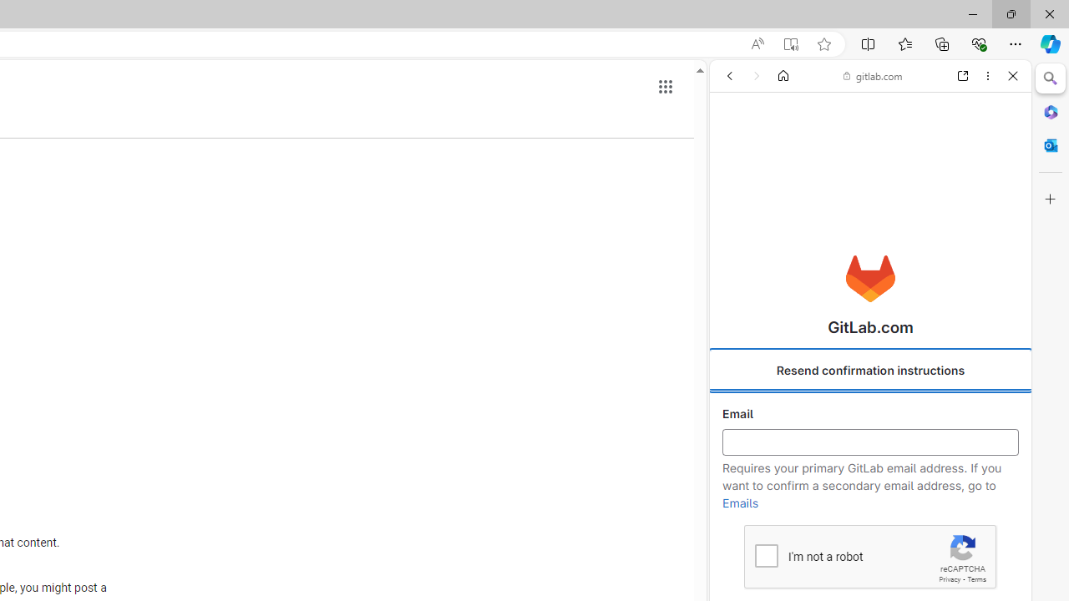  Describe the element at coordinates (869, 413) in the screenshot. I see `'Login'` at that location.